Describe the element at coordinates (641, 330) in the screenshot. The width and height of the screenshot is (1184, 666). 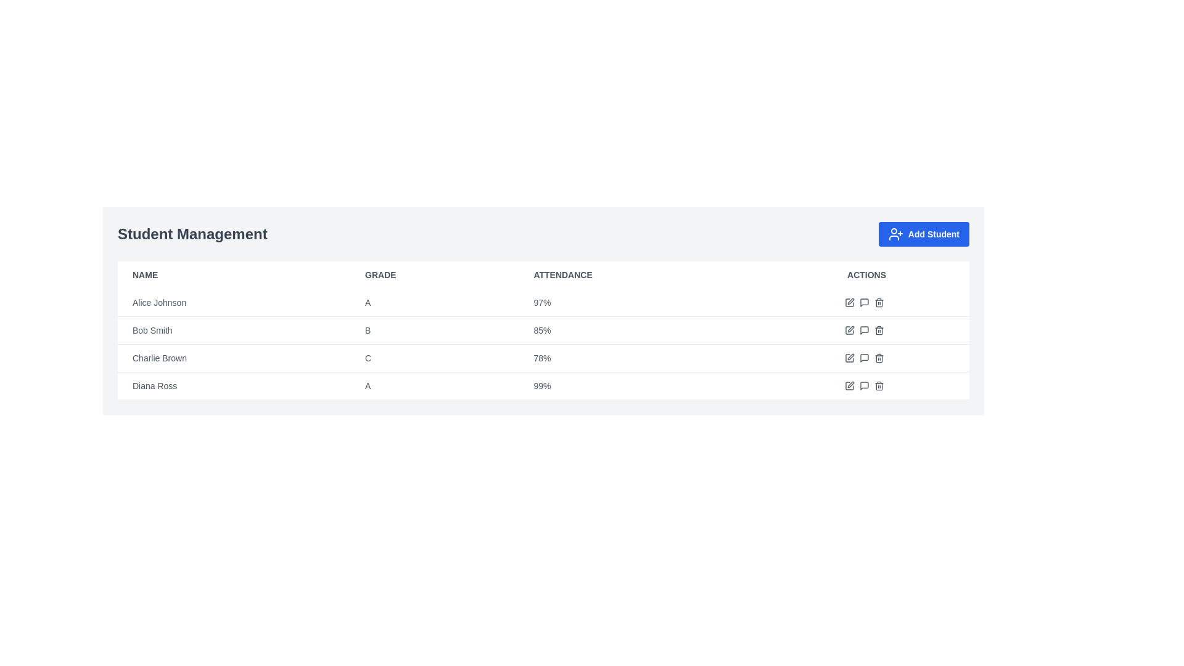
I see `text element indicating the attendance percentage for 'Bob Smith' located in the third column of the second row of the table` at that location.